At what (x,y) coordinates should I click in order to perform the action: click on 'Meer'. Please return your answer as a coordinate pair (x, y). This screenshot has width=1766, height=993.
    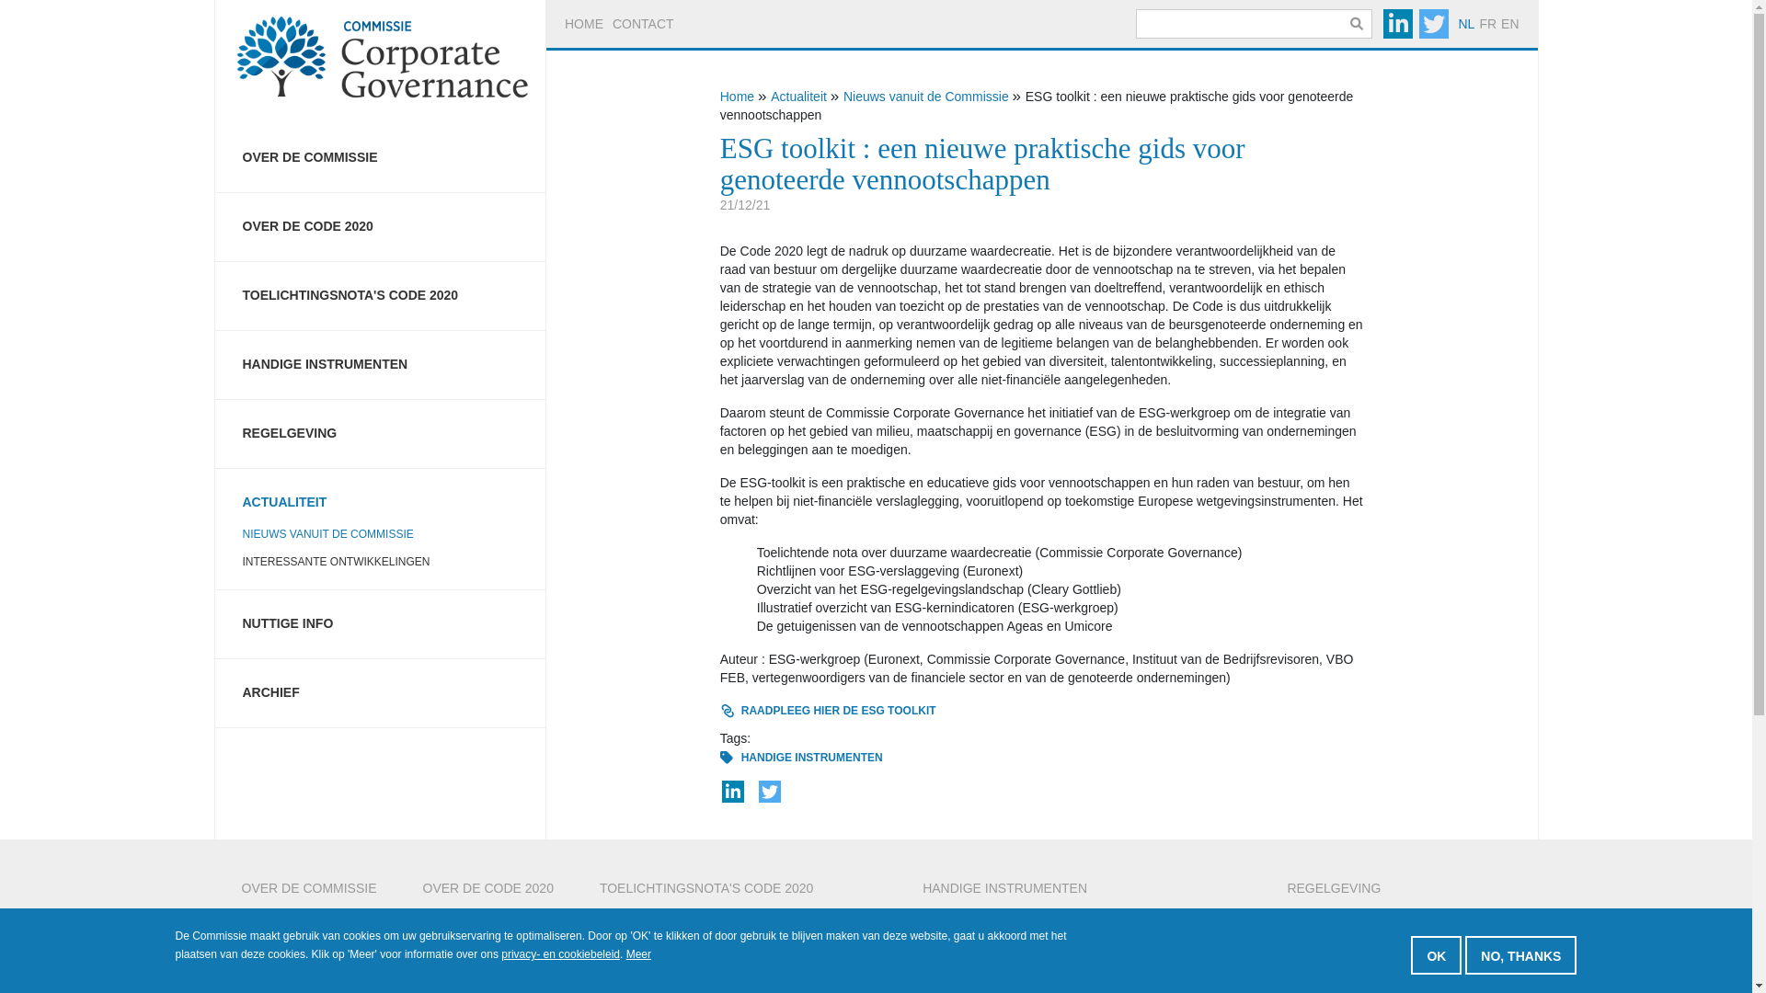
    Looking at the image, I should click on (626, 953).